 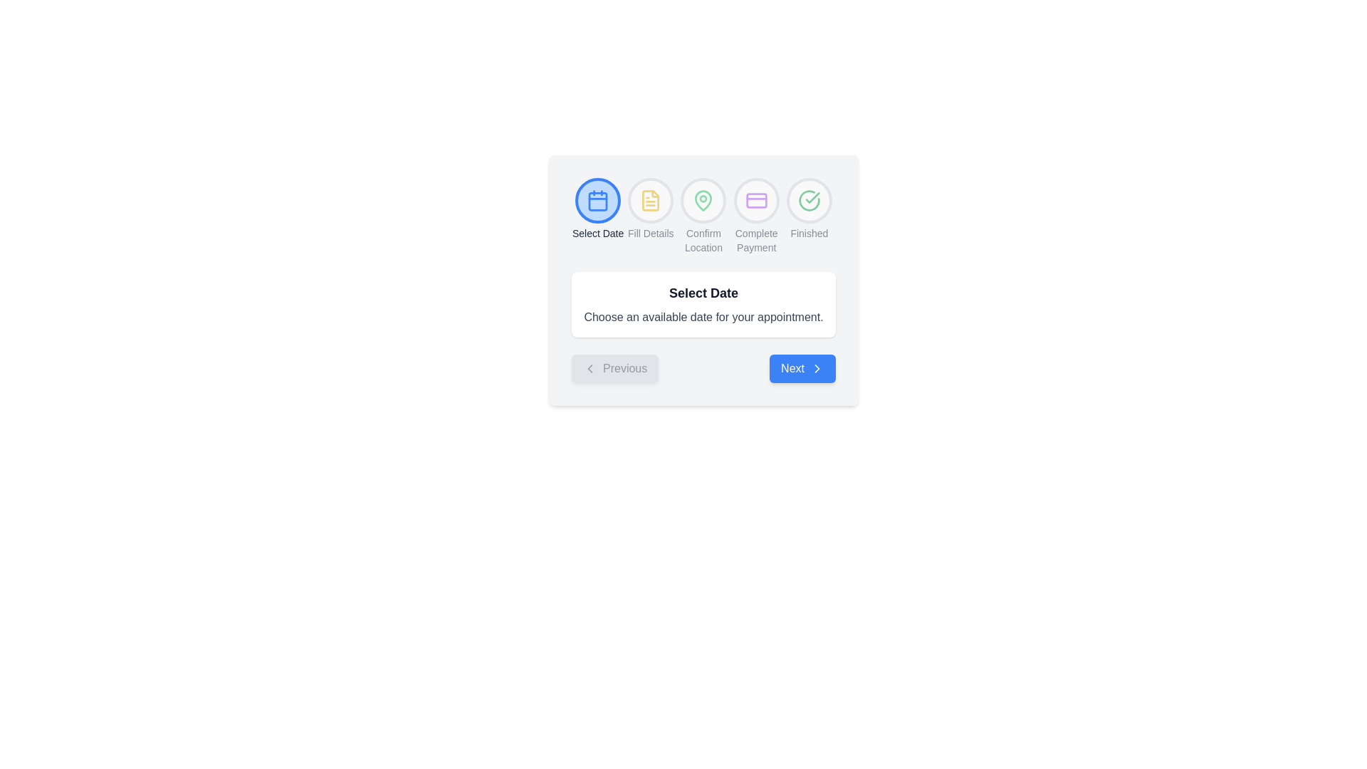 I want to click on the 'Complete Payment' text label, which is the last text in a horizontal list of navigation steps, positioned below the payment icon, so click(x=755, y=240).